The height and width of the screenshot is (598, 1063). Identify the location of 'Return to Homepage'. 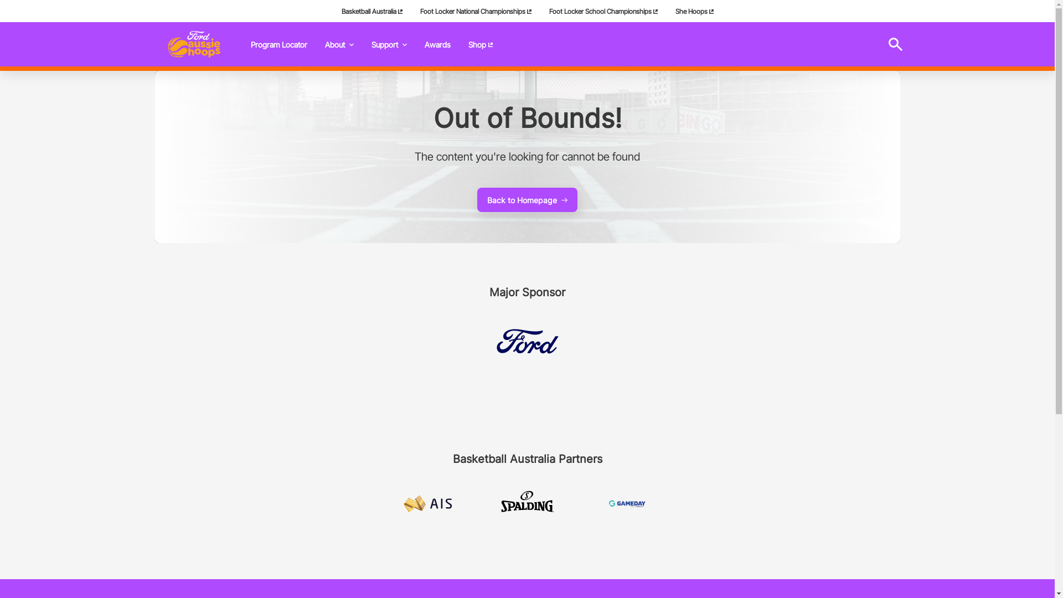
(194, 44).